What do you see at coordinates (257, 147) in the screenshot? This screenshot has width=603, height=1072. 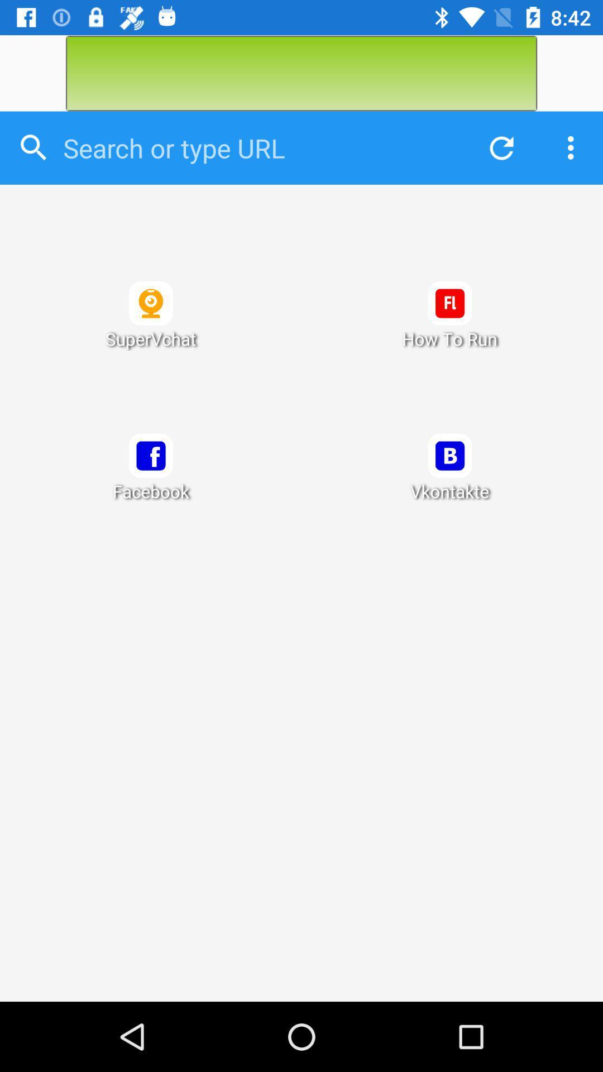 I see `switch the search option` at bounding box center [257, 147].